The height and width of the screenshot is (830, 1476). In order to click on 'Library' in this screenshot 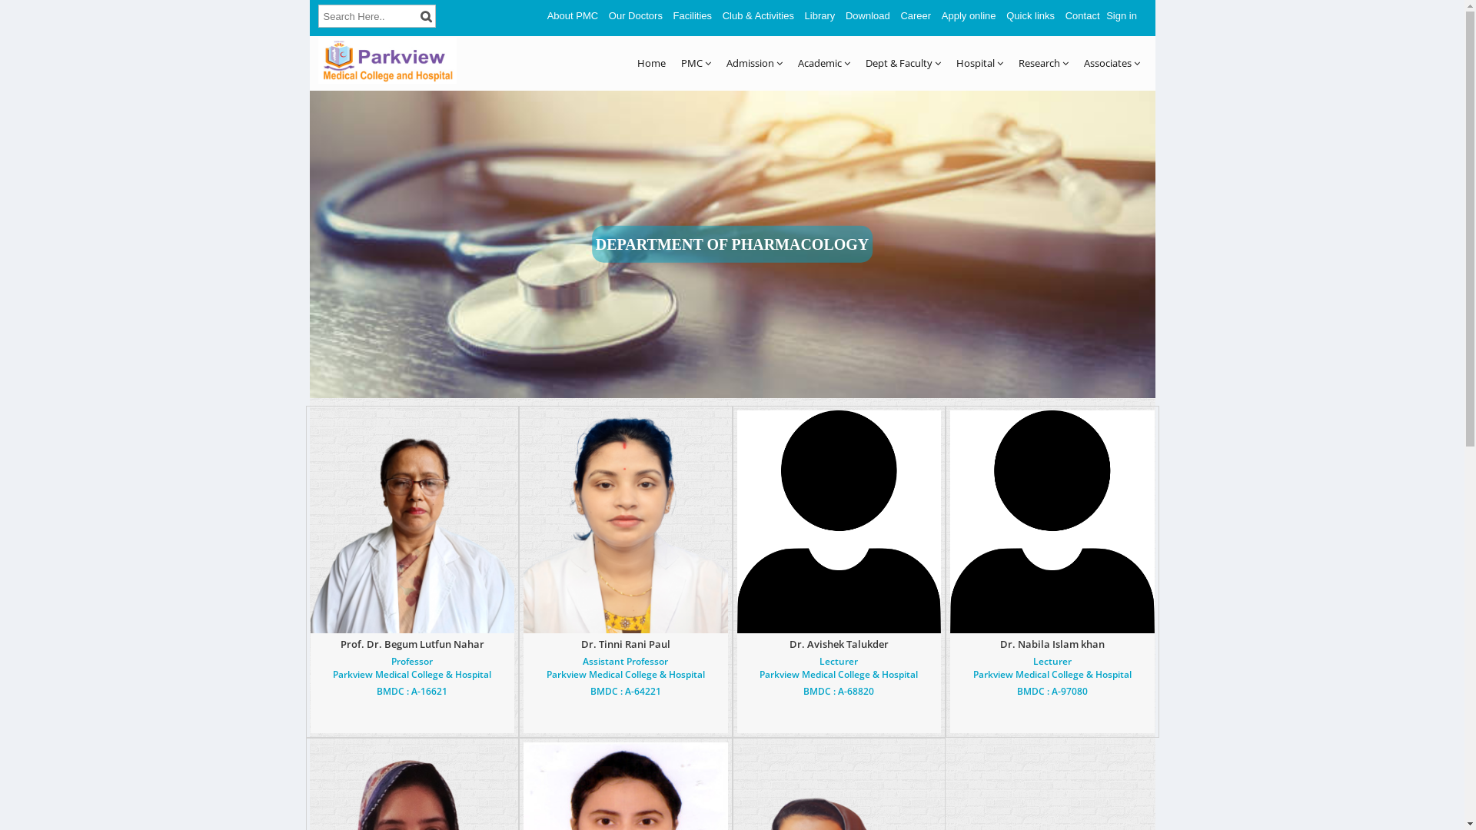, I will do `click(819, 15)`.